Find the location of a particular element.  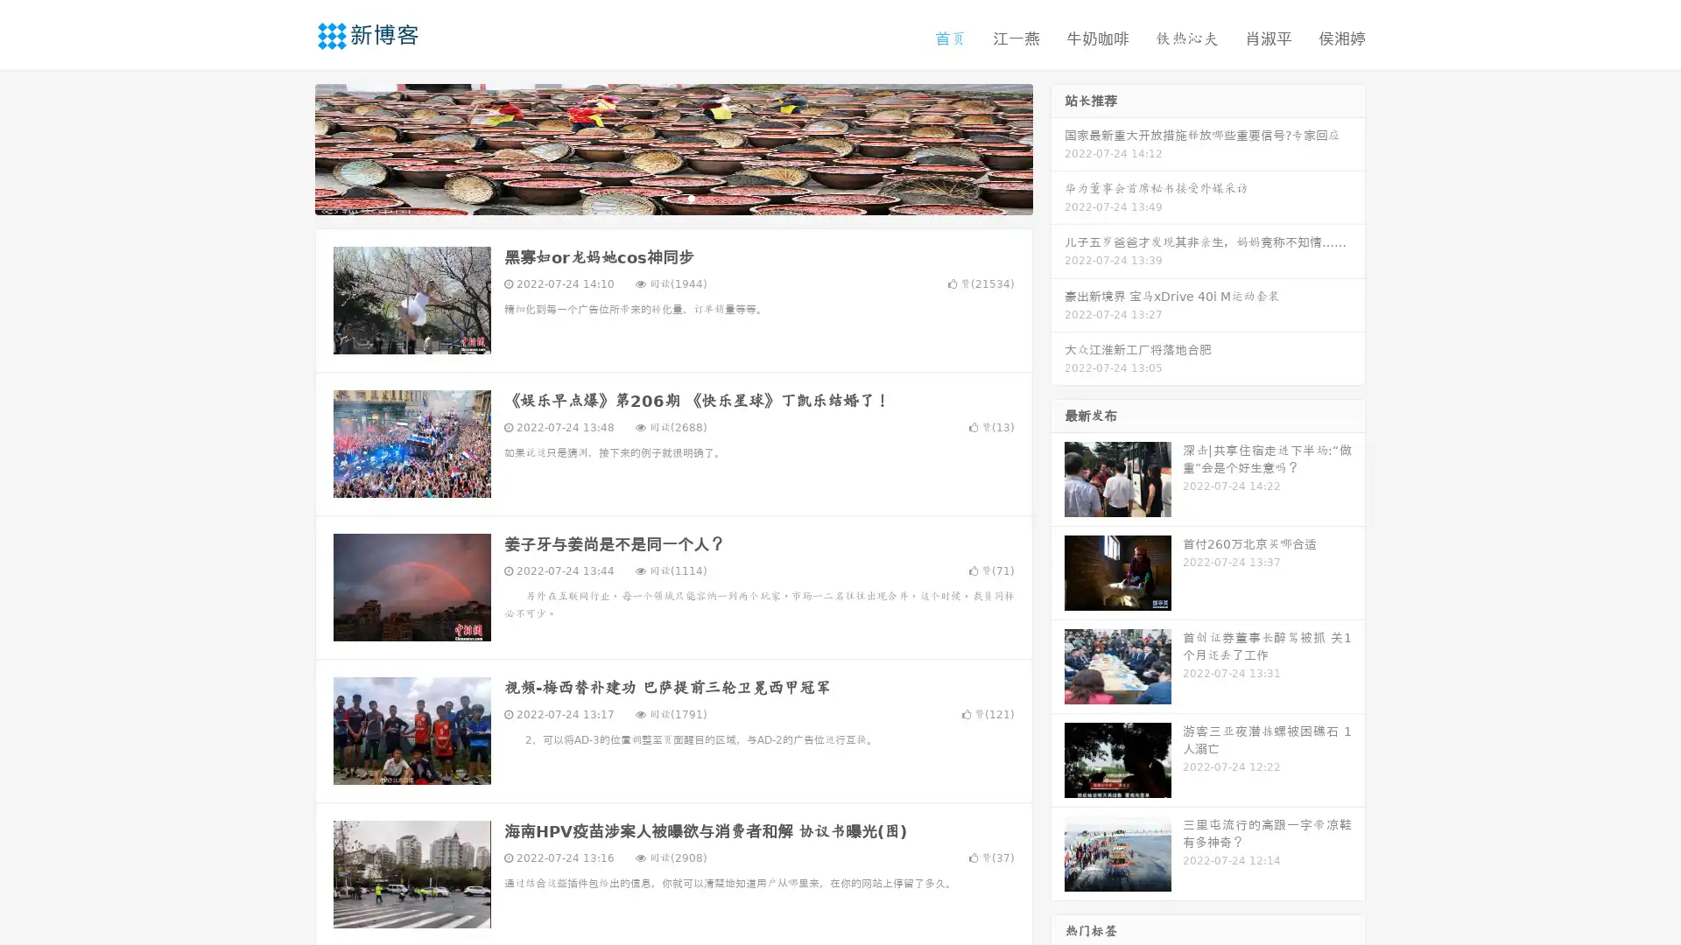

Go to slide 1 is located at coordinates (655, 197).